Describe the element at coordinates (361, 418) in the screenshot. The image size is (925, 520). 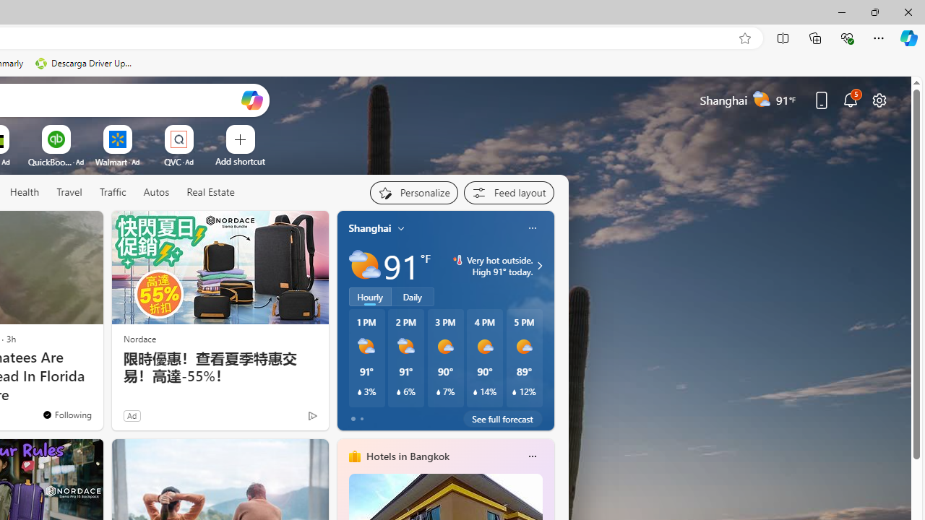
I see `'tab-1'` at that location.